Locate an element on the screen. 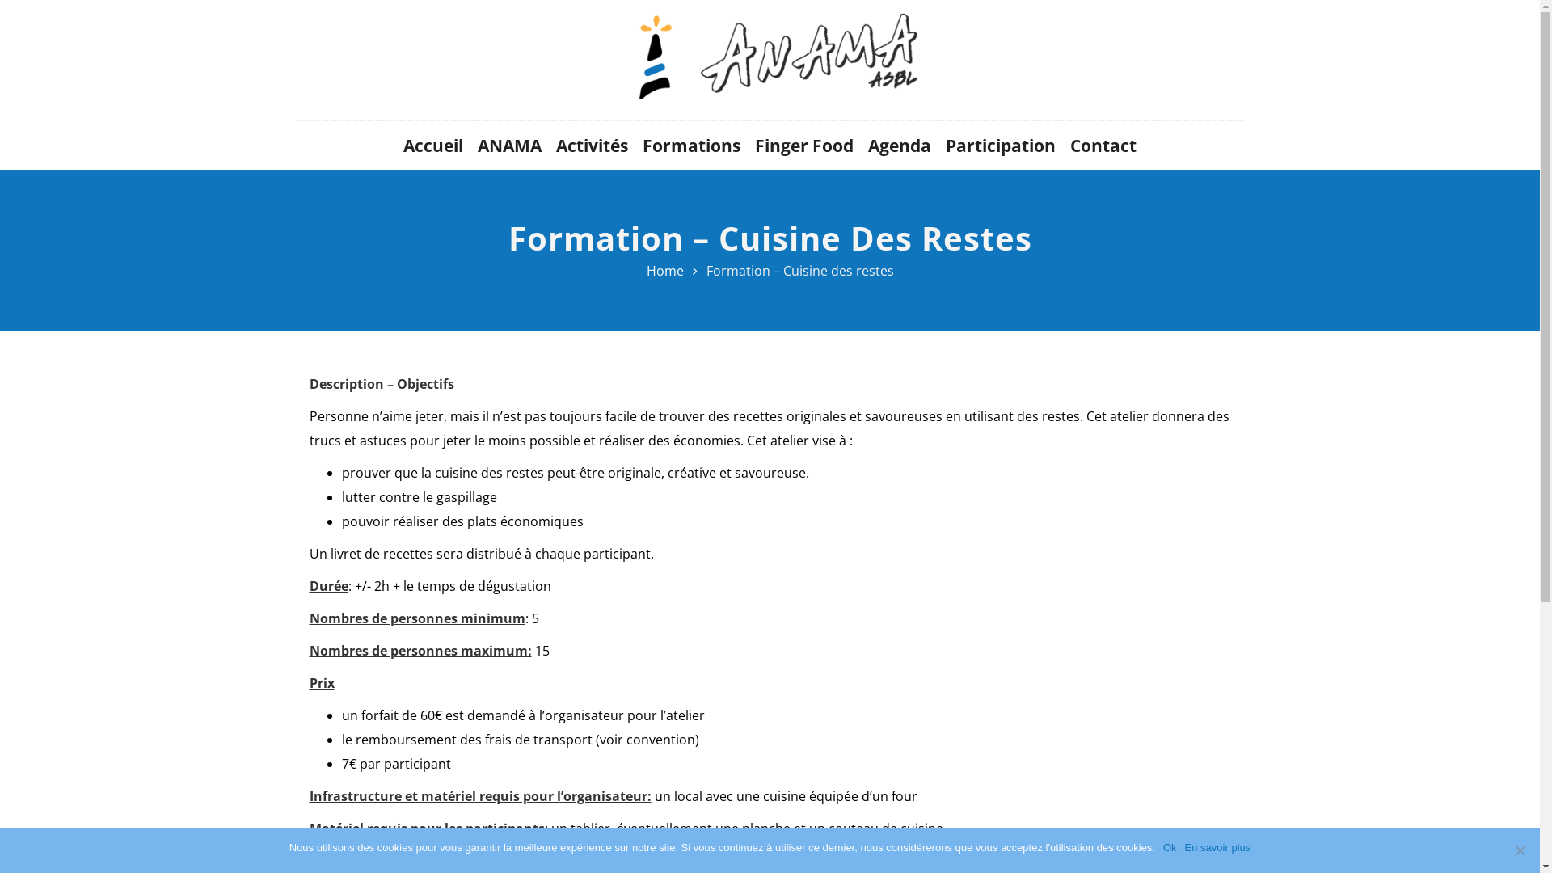 Image resolution: width=1552 pixels, height=873 pixels. 'Accueil' is located at coordinates (433, 145).